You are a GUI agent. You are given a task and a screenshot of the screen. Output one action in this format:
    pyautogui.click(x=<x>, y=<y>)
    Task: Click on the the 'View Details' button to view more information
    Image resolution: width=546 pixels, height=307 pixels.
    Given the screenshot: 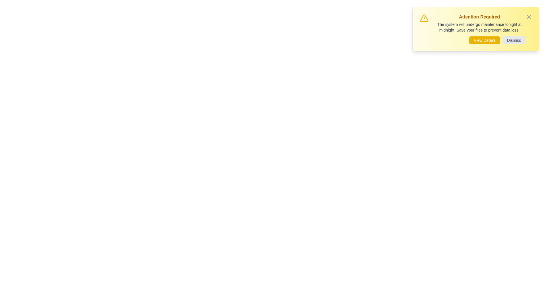 What is the action you would take?
    pyautogui.click(x=484, y=40)
    